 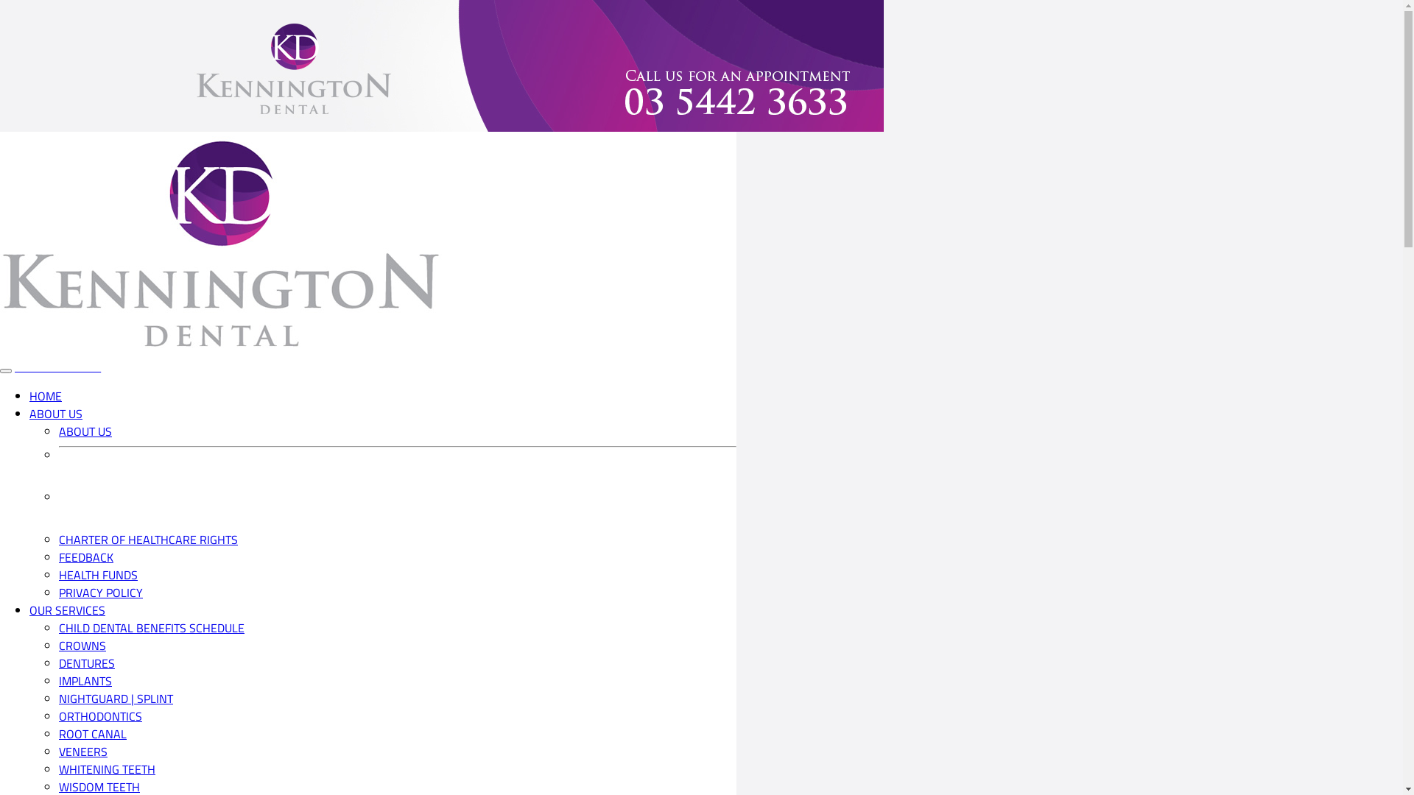 I want to click on 'CROWNS', so click(x=81, y=644).